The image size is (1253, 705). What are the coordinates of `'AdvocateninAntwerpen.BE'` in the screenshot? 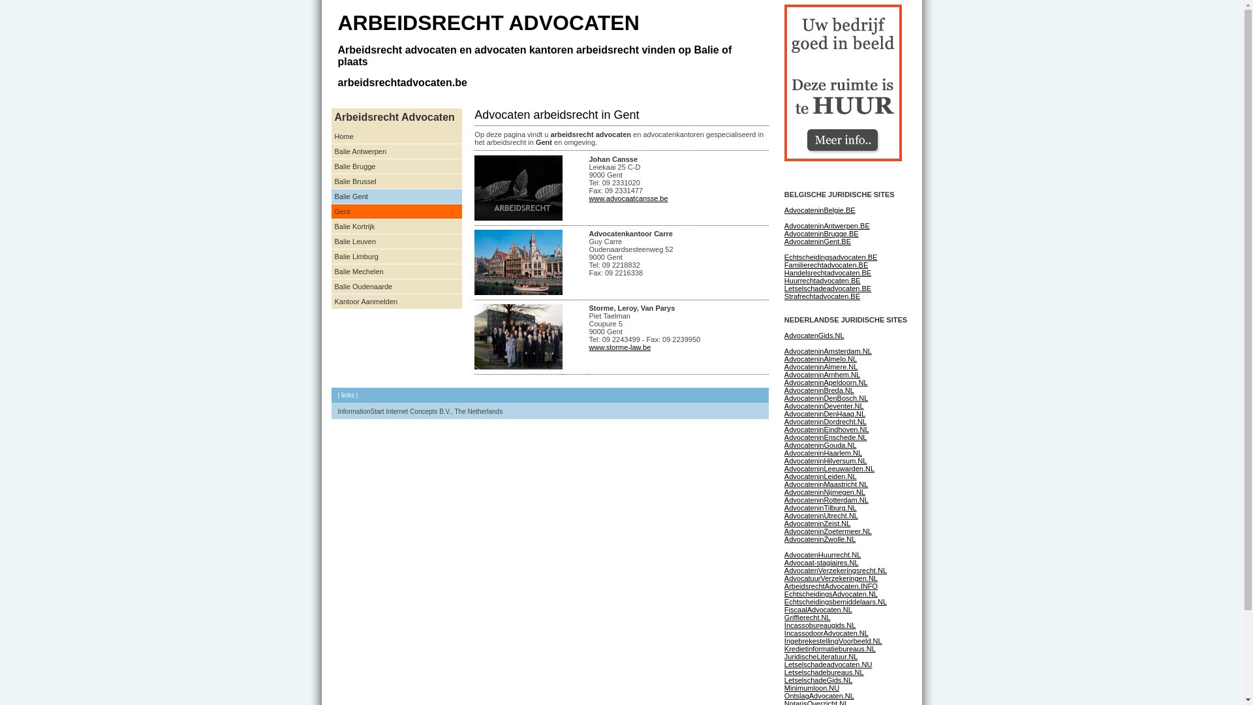 It's located at (826, 225).